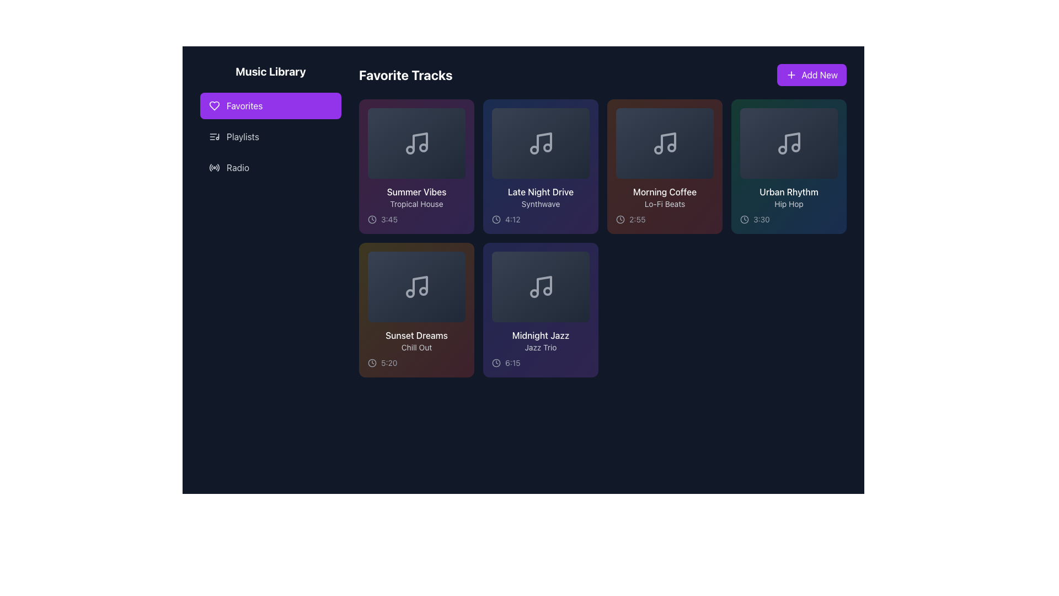 This screenshot has height=596, width=1059. Describe the element at coordinates (214, 168) in the screenshot. I see `the circular 'Radio' icon located in the left panel under the 'Music Library' section, positioned between 'Playlists' and 'Radio' label` at that location.